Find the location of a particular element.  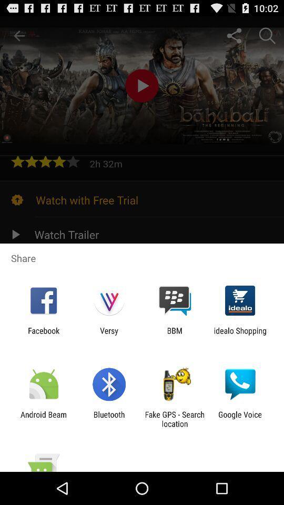

the item next to the facebook app is located at coordinates (108, 335).